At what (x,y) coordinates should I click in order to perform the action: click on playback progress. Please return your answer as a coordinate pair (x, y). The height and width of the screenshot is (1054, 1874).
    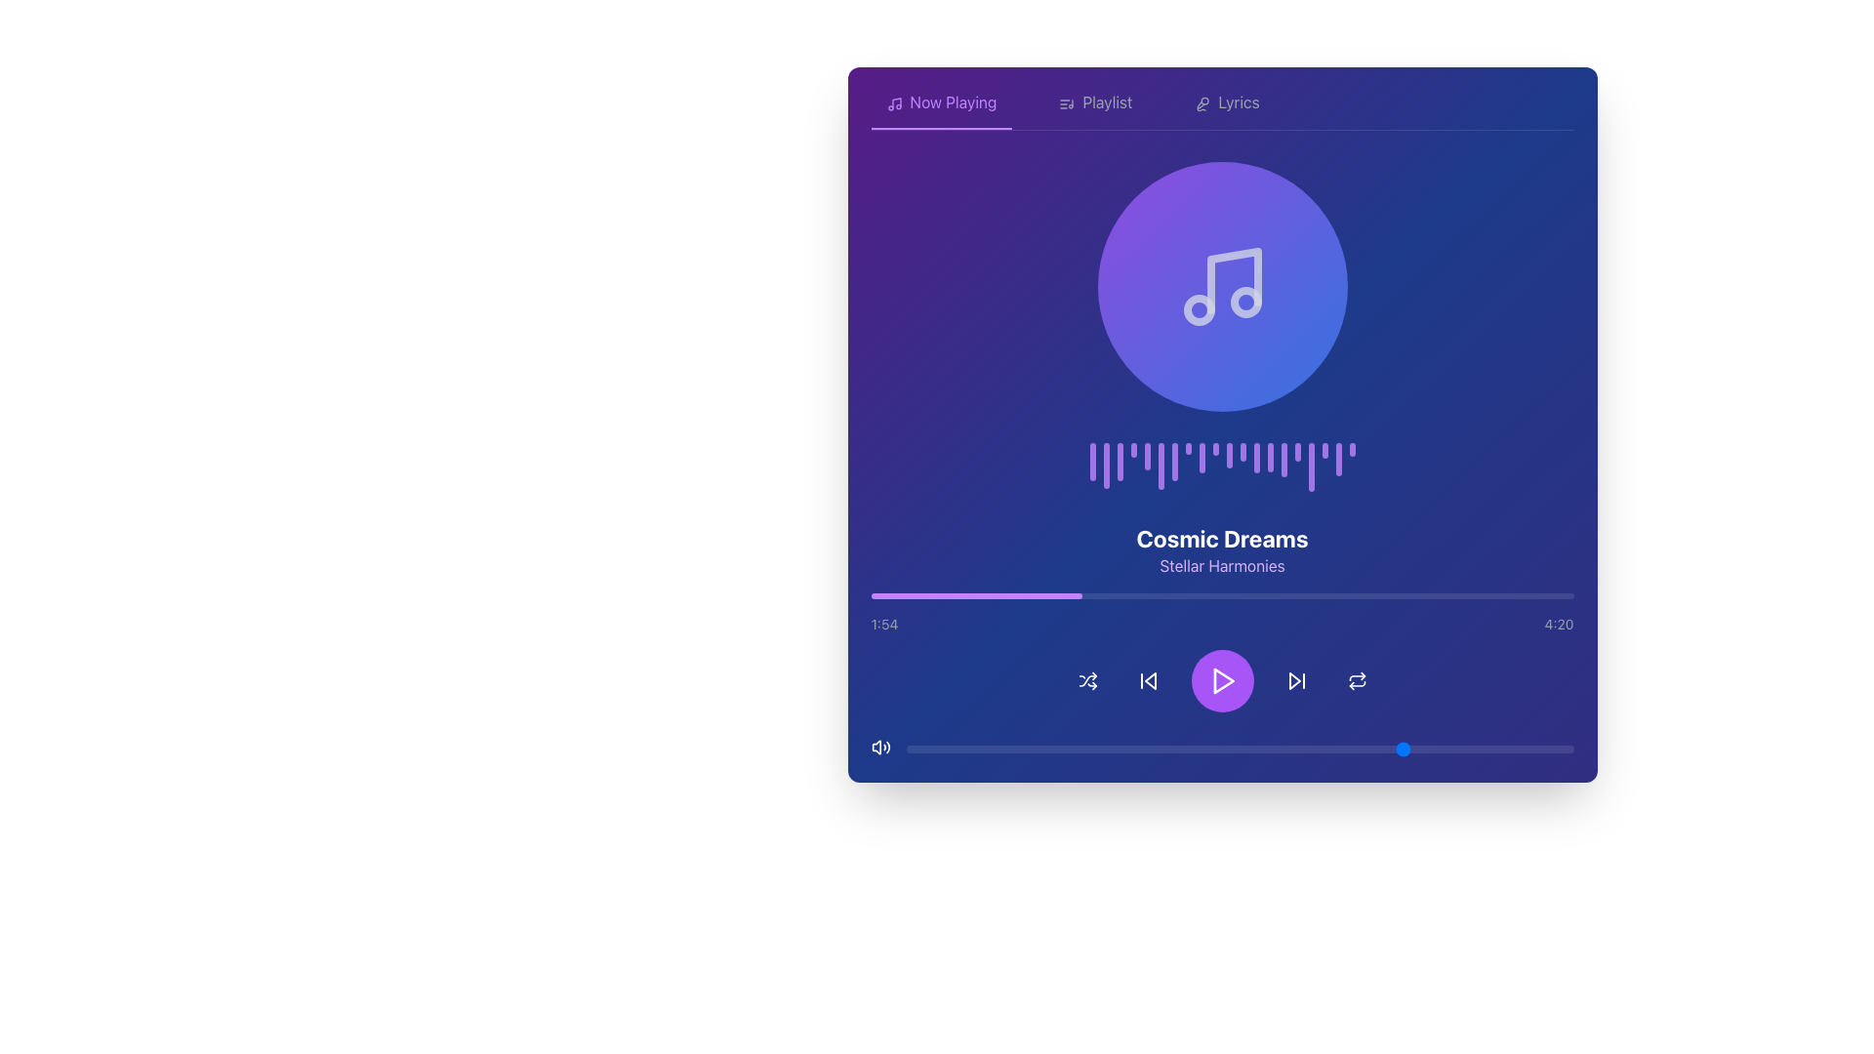
    Looking at the image, I should click on (1077, 594).